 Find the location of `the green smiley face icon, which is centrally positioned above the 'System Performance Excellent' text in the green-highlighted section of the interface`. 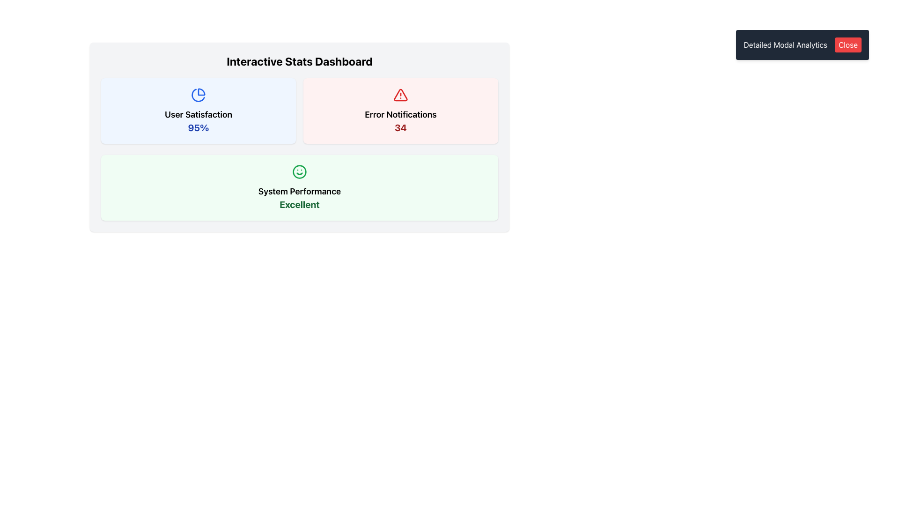

the green smiley face icon, which is centrally positioned above the 'System Performance Excellent' text in the green-highlighted section of the interface is located at coordinates (299, 171).